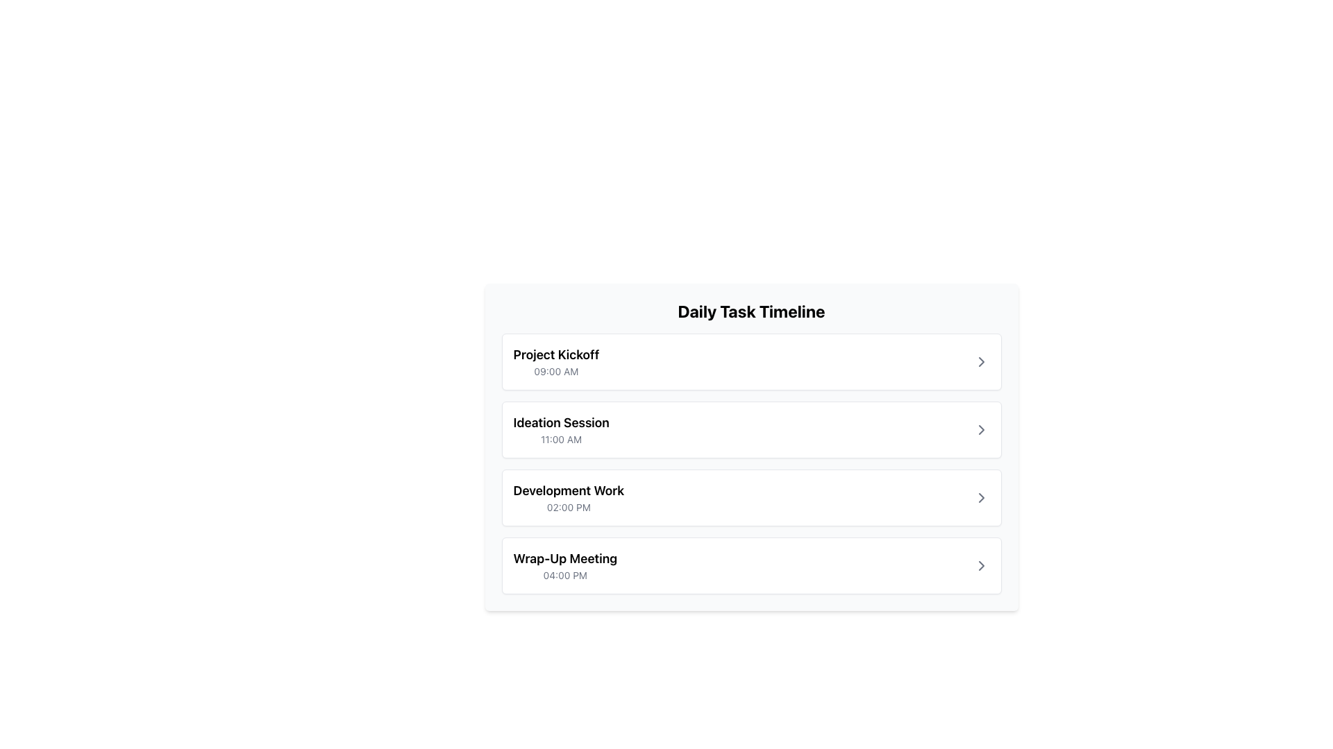 The height and width of the screenshot is (749, 1333). Describe the element at coordinates (751, 361) in the screenshot. I see `the topmost card representing the agenda item 'Project Kickoff' scheduled at 09:00 AM` at that location.